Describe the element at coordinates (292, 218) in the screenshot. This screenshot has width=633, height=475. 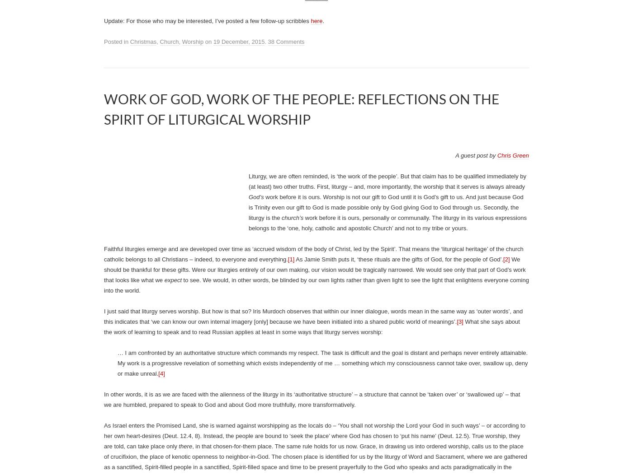
I see `'church’s'` at that location.